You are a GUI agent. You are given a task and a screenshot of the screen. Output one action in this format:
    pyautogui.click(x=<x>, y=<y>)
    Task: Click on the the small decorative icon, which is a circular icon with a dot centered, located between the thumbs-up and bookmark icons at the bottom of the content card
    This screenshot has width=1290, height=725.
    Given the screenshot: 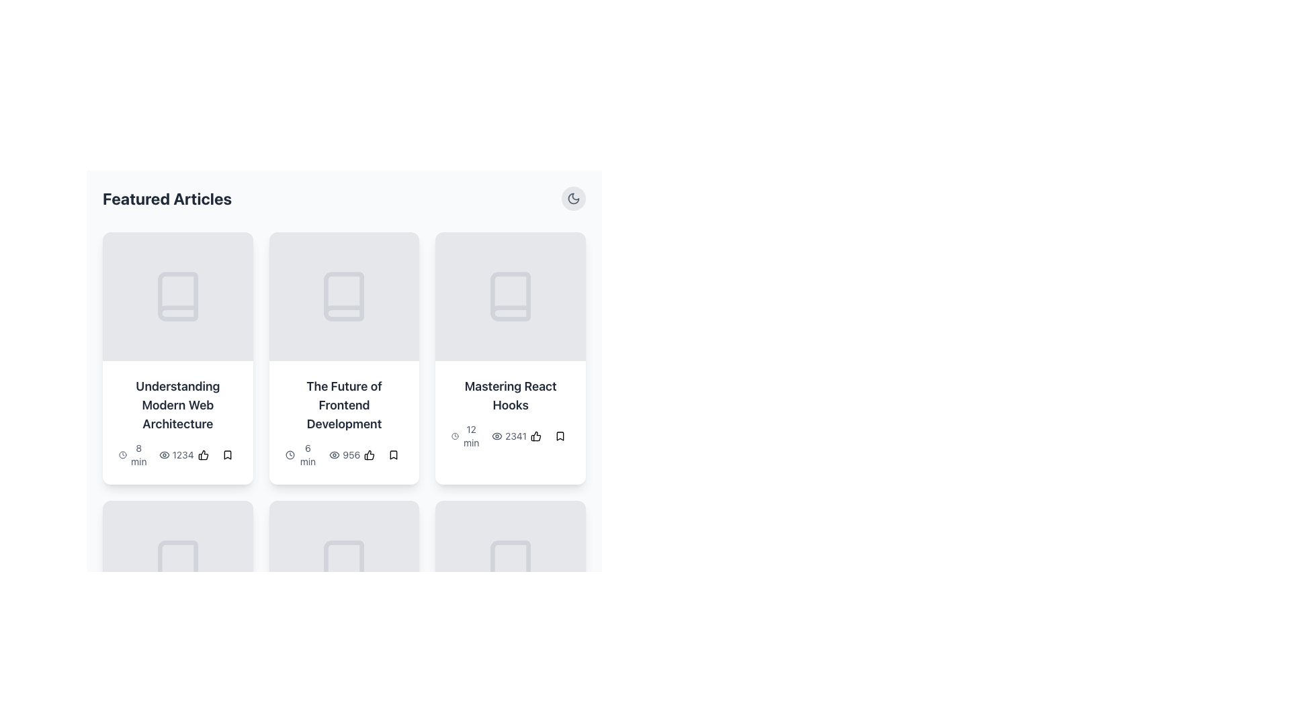 What is the action you would take?
    pyautogui.click(x=215, y=454)
    